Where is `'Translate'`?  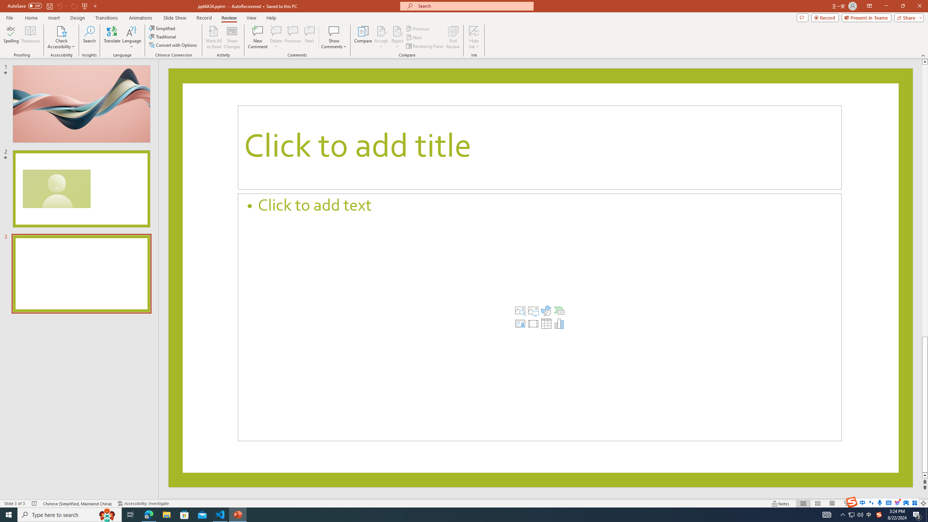
'Translate' is located at coordinates (112, 37).